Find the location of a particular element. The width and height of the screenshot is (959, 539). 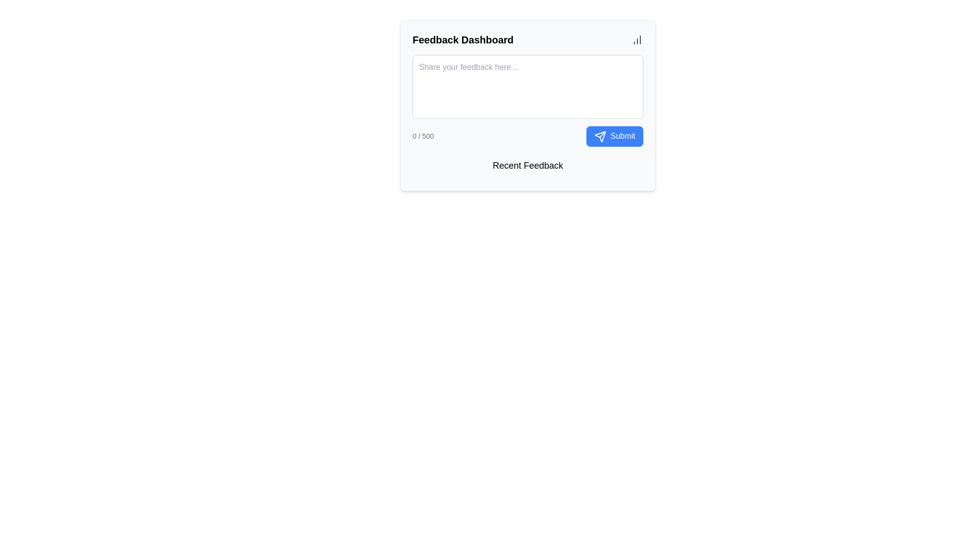

the 'Submit' button located in the bottom-right corner of the feedback form area is located at coordinates (600, 136).